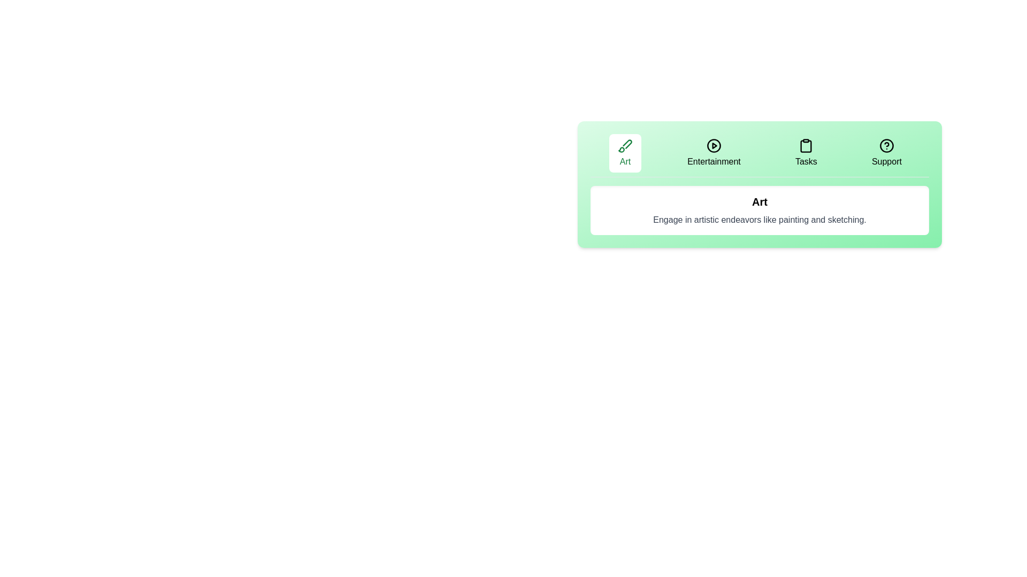 This screenshot has height=577, width=1027. Describe the element at coordinates (806, 146) in the screenshot. I see `the clipboard-shaped icon on the green background, located within the 'Tasks' section` at that location.